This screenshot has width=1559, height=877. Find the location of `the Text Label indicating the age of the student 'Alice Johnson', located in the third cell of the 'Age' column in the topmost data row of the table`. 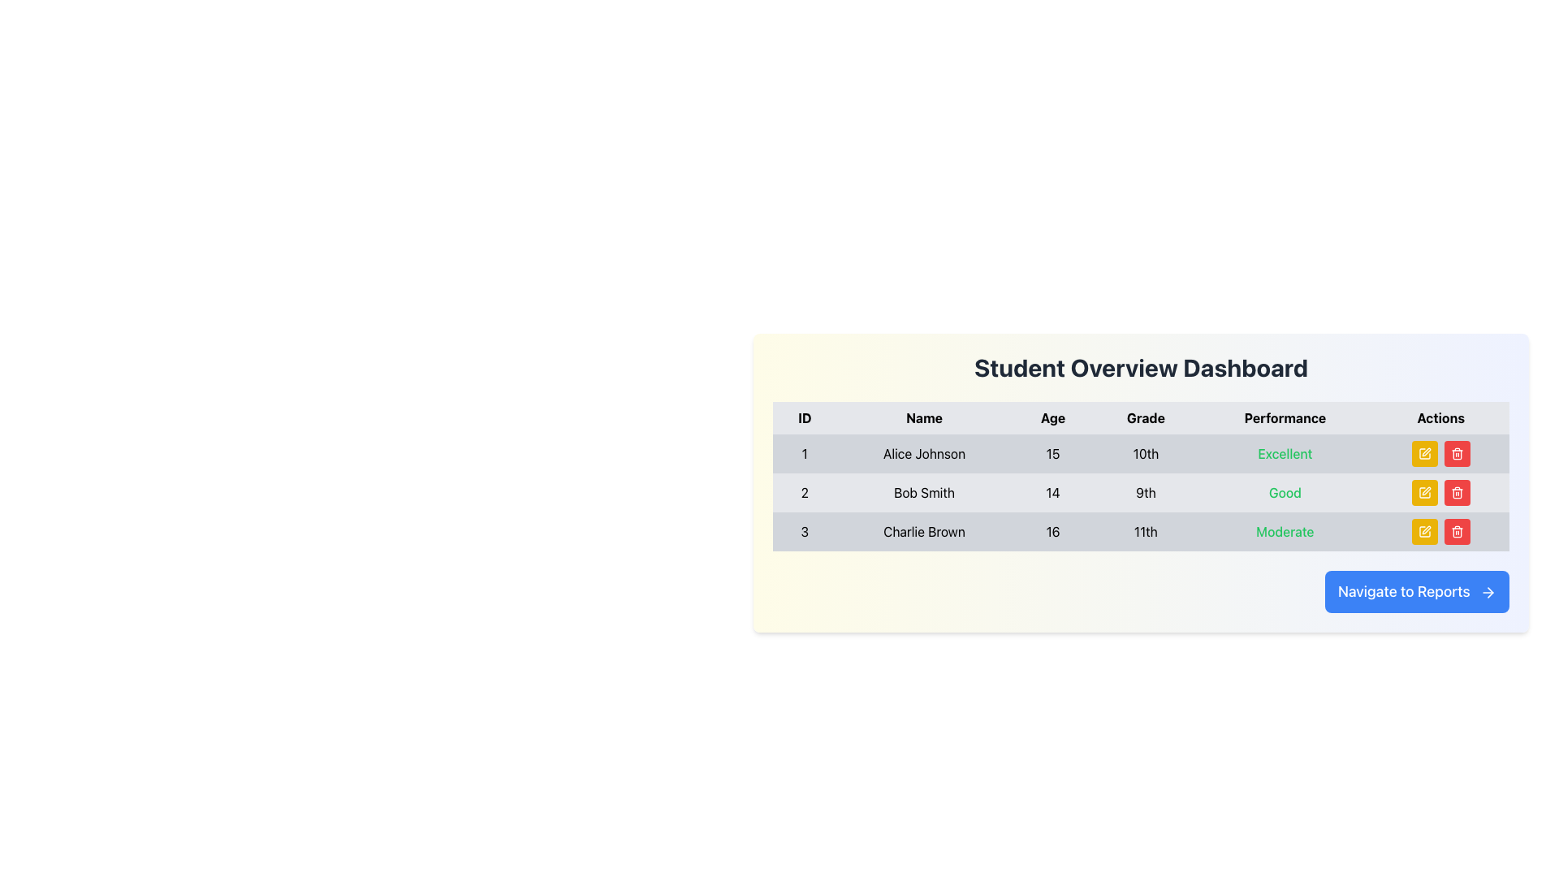

the Text Label indicating the age of the student 'Alice Johnson', located in the third cell of the 'Age' column in the topmost data row of the table is located at coordinates (1052, 454).